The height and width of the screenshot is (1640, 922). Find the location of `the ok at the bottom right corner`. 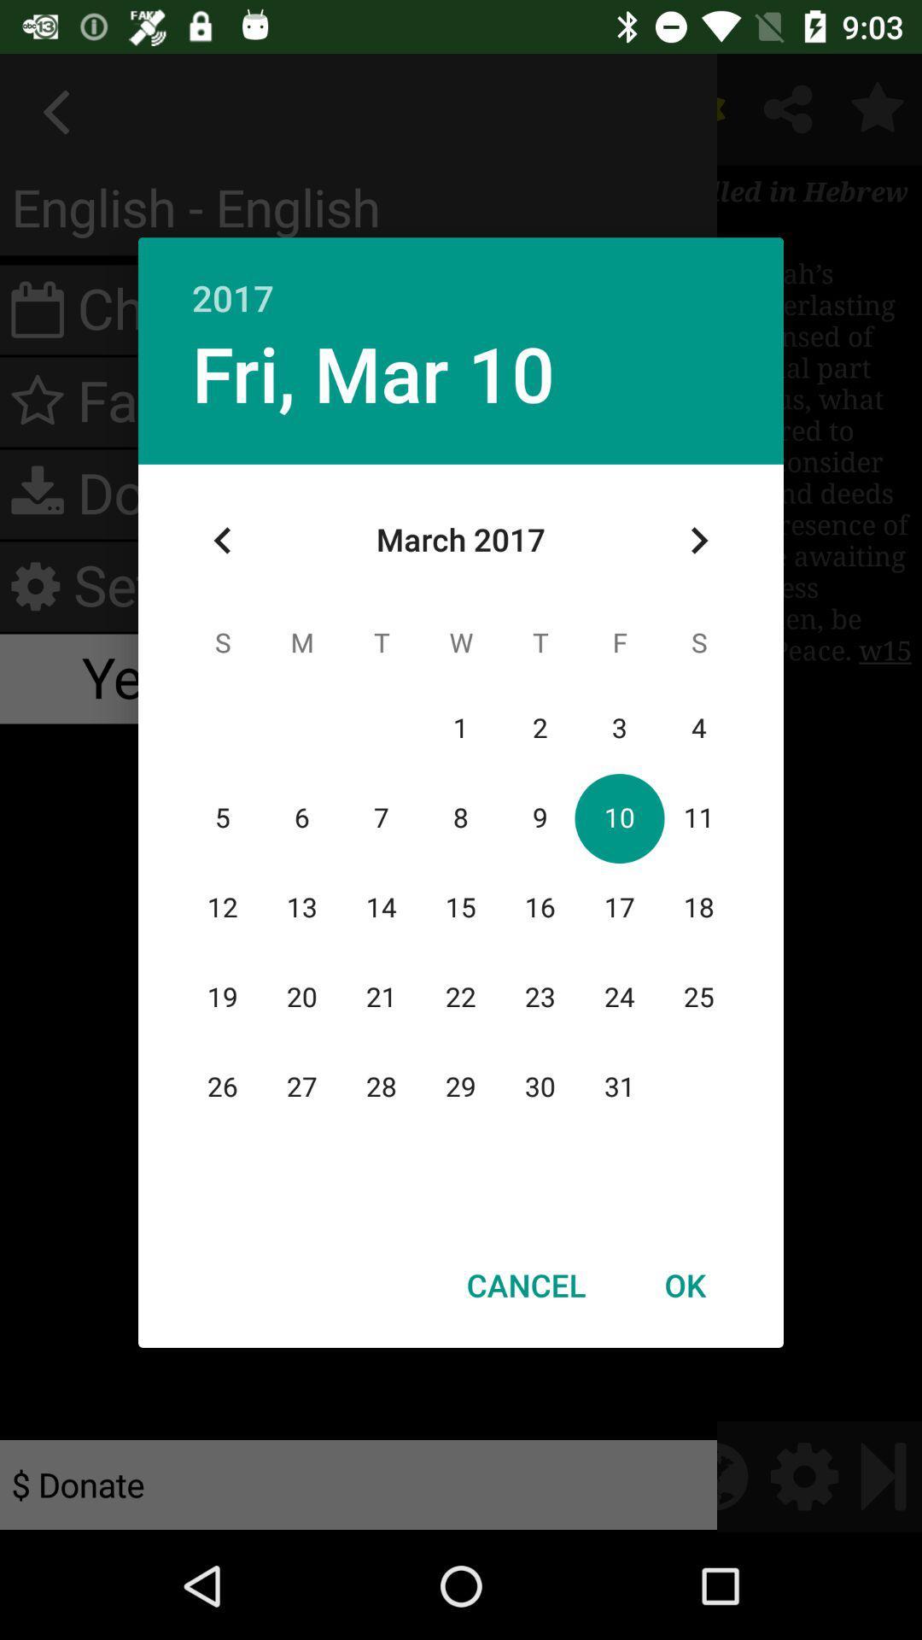

the ok at the bottom right corner is located at coordinates (684, 1285).